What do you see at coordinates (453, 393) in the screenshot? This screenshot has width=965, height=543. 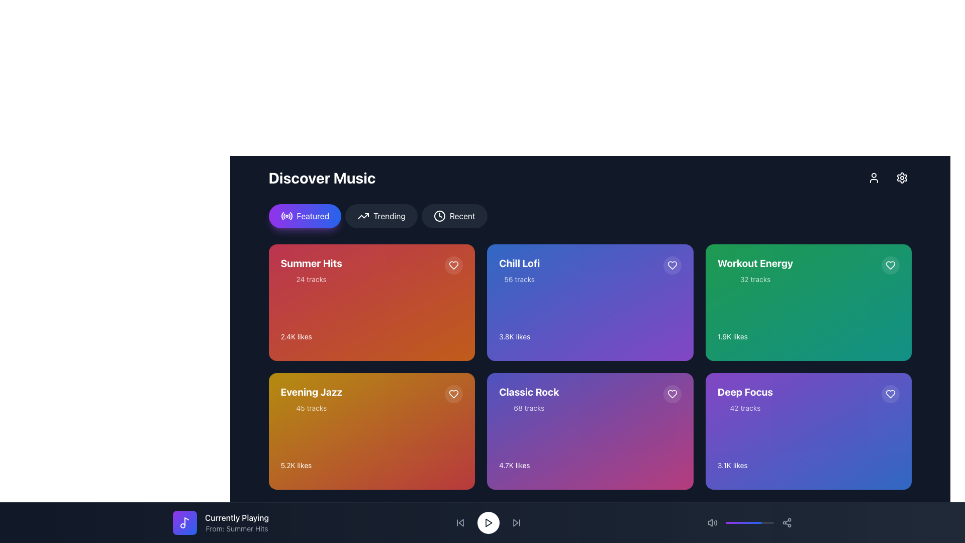 I see `the interactive button in the bottom right corner of the 'Evening Jazz' card to like or favorite the playlist` at bounding box center [453, 393].